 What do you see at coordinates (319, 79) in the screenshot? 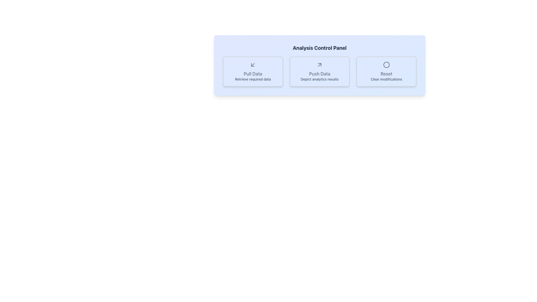
I see `the descriptive text element located below the 'Push Data' button, which explains the analytics results` at bounding box center [319, 79].